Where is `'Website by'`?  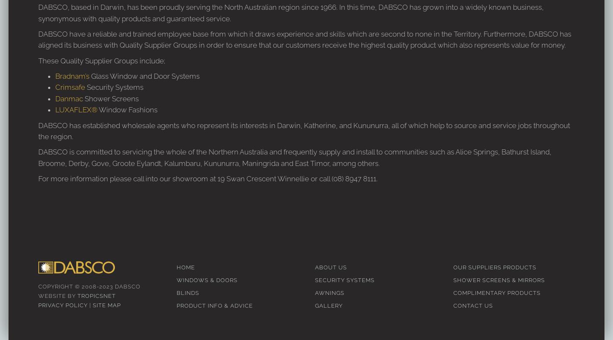
'Website by' is located at coordinates (57, 296).